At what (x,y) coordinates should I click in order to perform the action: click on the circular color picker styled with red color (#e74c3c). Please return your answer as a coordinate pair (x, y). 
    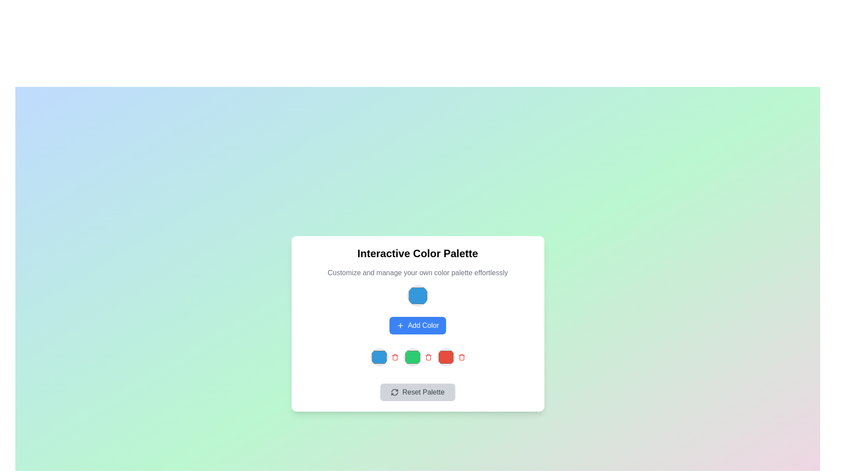
    Looking at the image, I should click on (446, 357).